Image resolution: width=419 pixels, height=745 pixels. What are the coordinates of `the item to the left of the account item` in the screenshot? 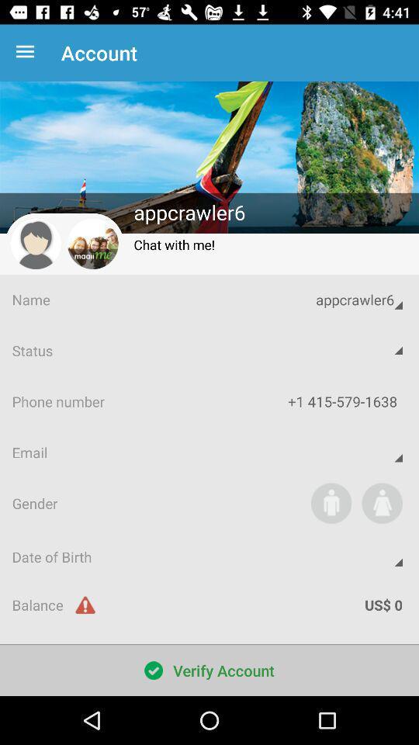 It's located at (28, 53).